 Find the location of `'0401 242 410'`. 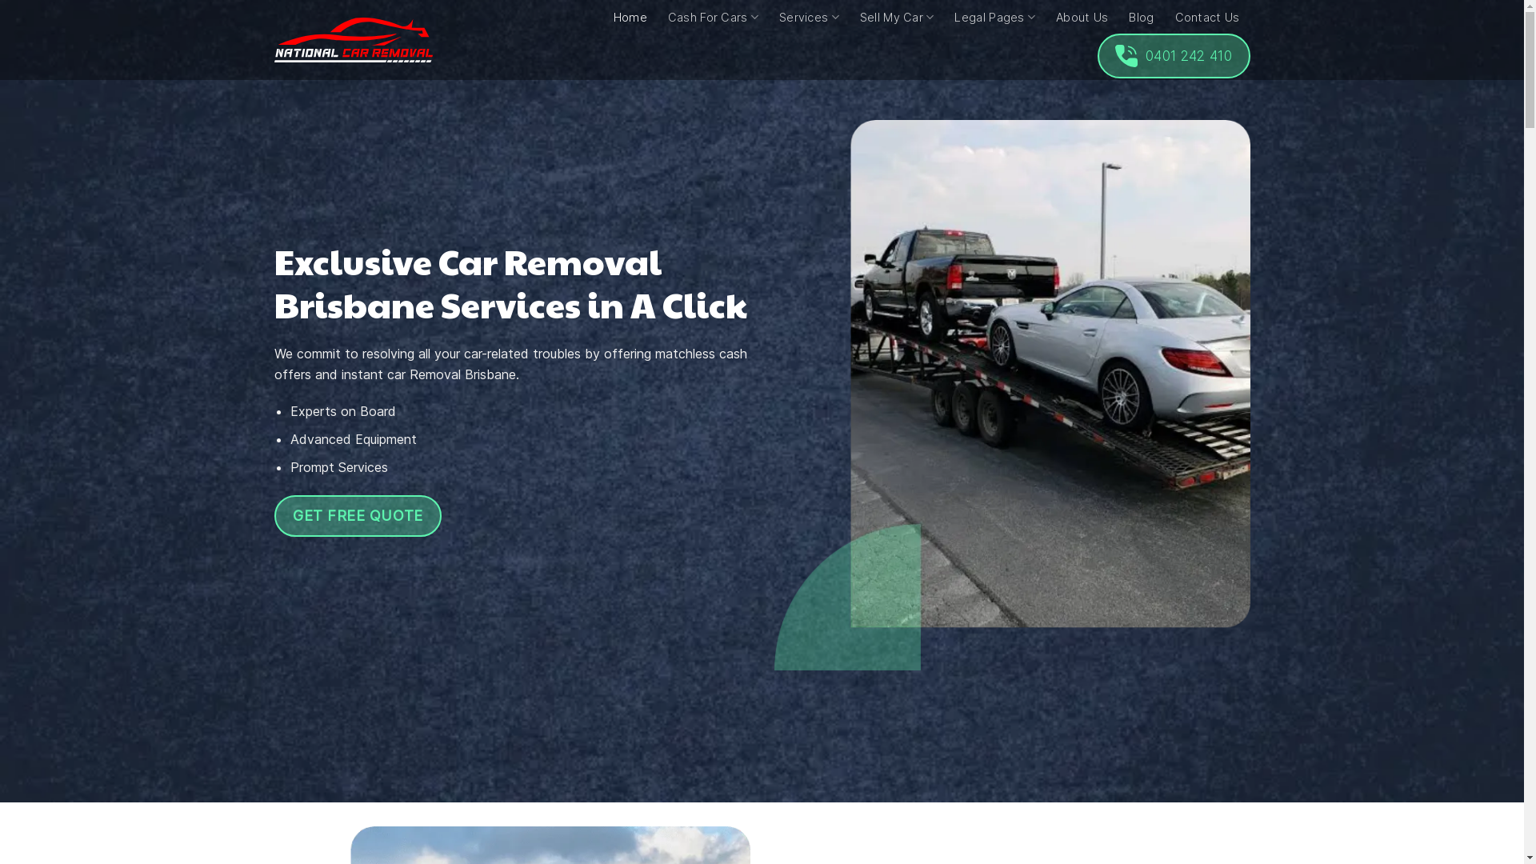

'0401 242 410' is located at coordinates (1174, 54).